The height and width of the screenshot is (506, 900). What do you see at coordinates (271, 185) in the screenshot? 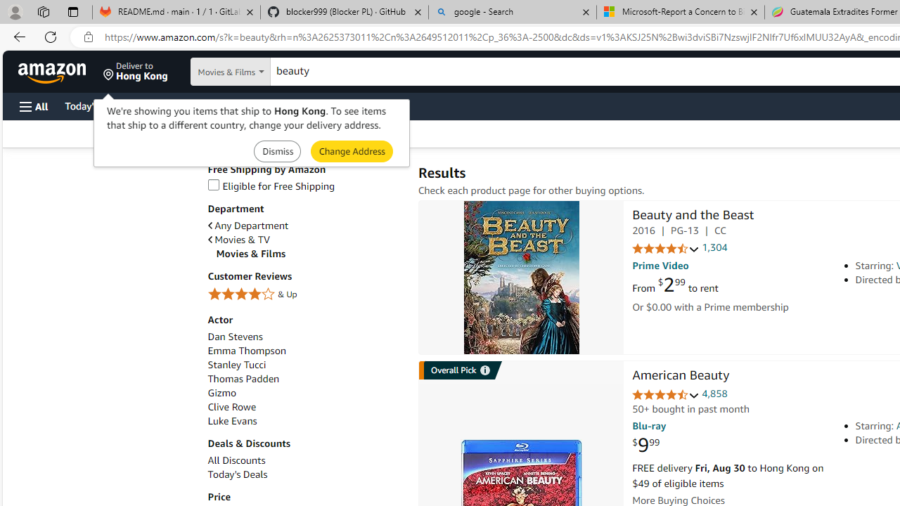
I see `'Eligible for Free Shipping'` at bounding box center [271, 185].